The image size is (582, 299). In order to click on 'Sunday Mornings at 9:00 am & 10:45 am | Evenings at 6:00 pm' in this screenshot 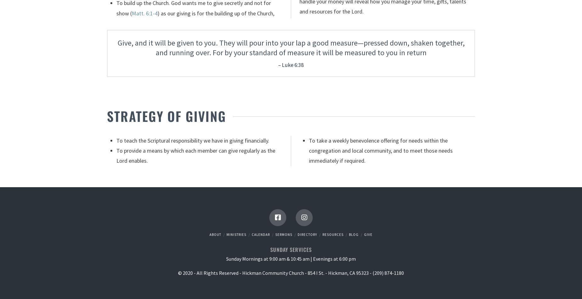, I will do `click(291, 258)`.